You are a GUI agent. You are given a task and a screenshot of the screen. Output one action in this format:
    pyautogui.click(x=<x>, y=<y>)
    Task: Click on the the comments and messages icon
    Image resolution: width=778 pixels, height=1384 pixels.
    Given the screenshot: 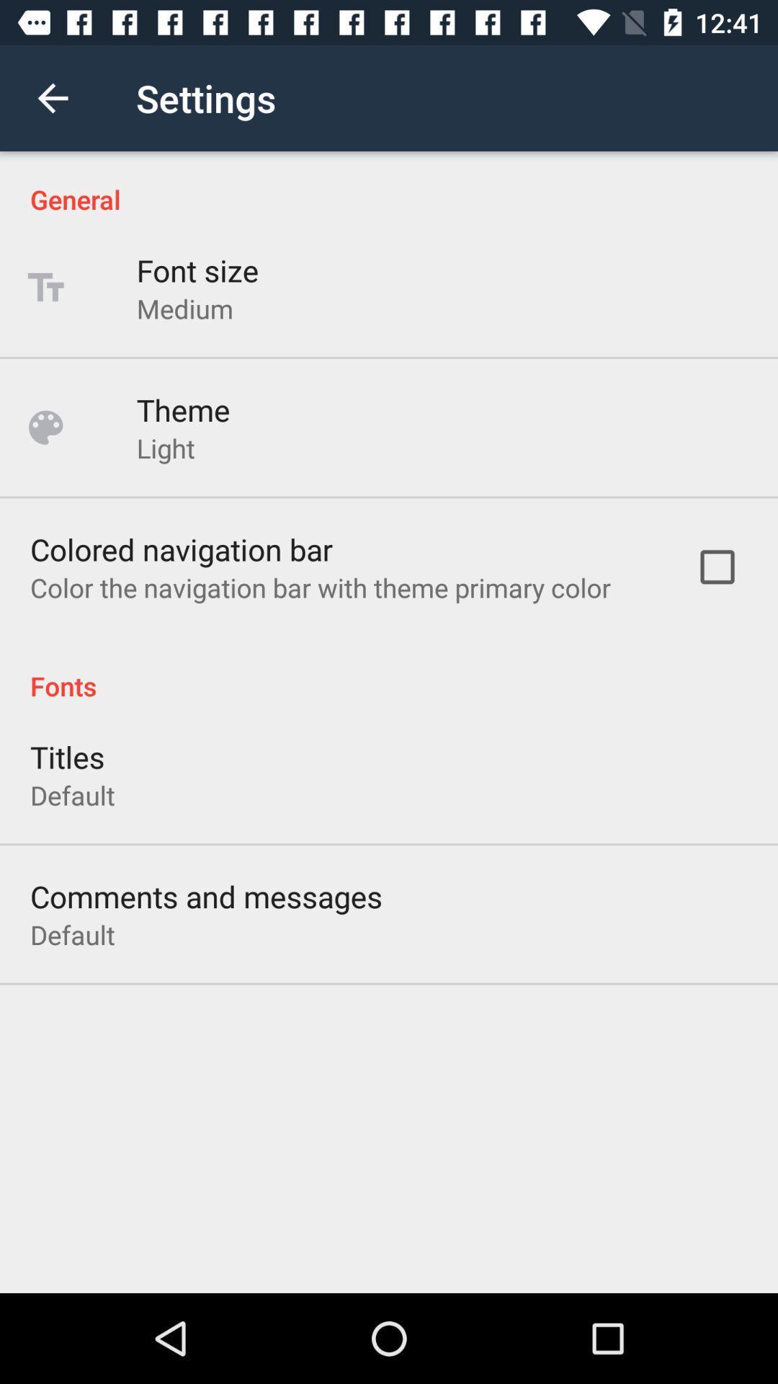 What is the action you would take?
    pyautogui.click(x=206, y=895)
    